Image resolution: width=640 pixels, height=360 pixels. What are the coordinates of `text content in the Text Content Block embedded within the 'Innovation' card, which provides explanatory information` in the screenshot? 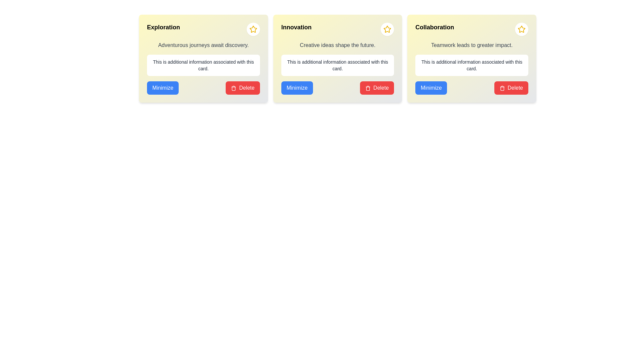 It's located at (337, 65).